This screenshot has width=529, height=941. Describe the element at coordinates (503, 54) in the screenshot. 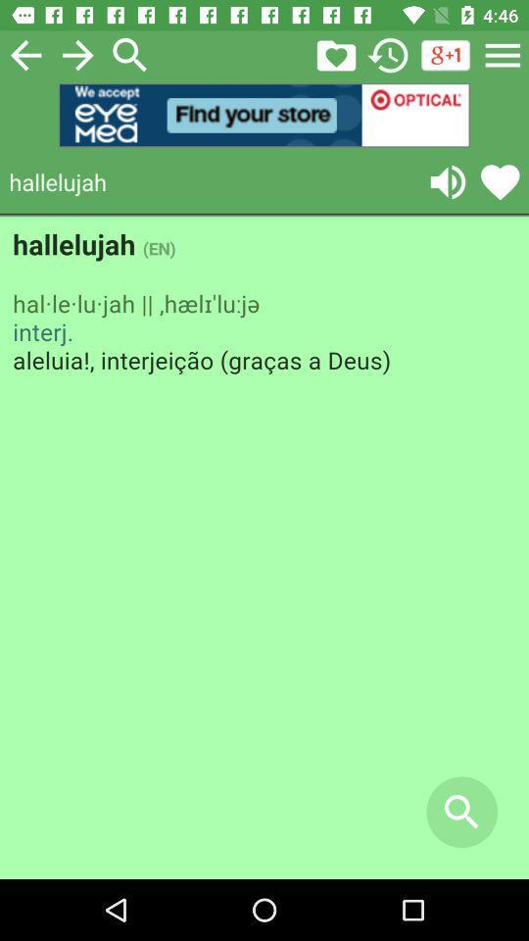

I see `more options` at that location.